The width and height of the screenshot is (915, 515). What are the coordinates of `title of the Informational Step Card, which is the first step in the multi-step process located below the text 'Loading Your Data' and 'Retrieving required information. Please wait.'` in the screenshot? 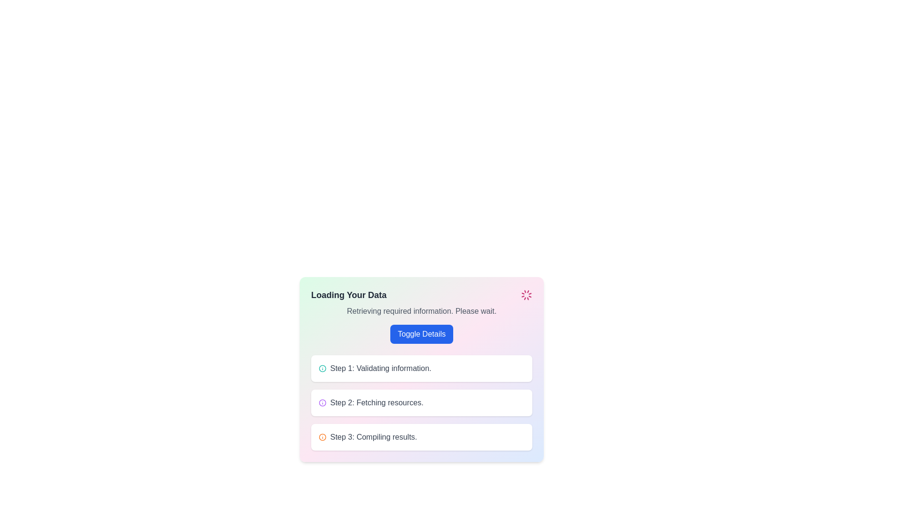 It's located at (421, 368).